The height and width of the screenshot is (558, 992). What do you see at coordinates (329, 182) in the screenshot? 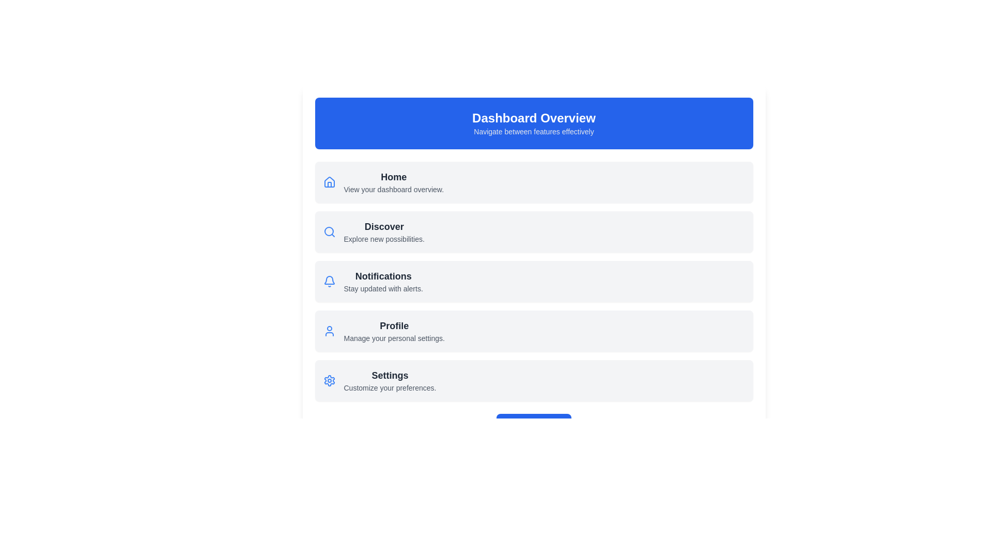
I see `the small blue house icon located at the far left of the section, directly left of the label 'Home'` at bounding box center [329, 182].